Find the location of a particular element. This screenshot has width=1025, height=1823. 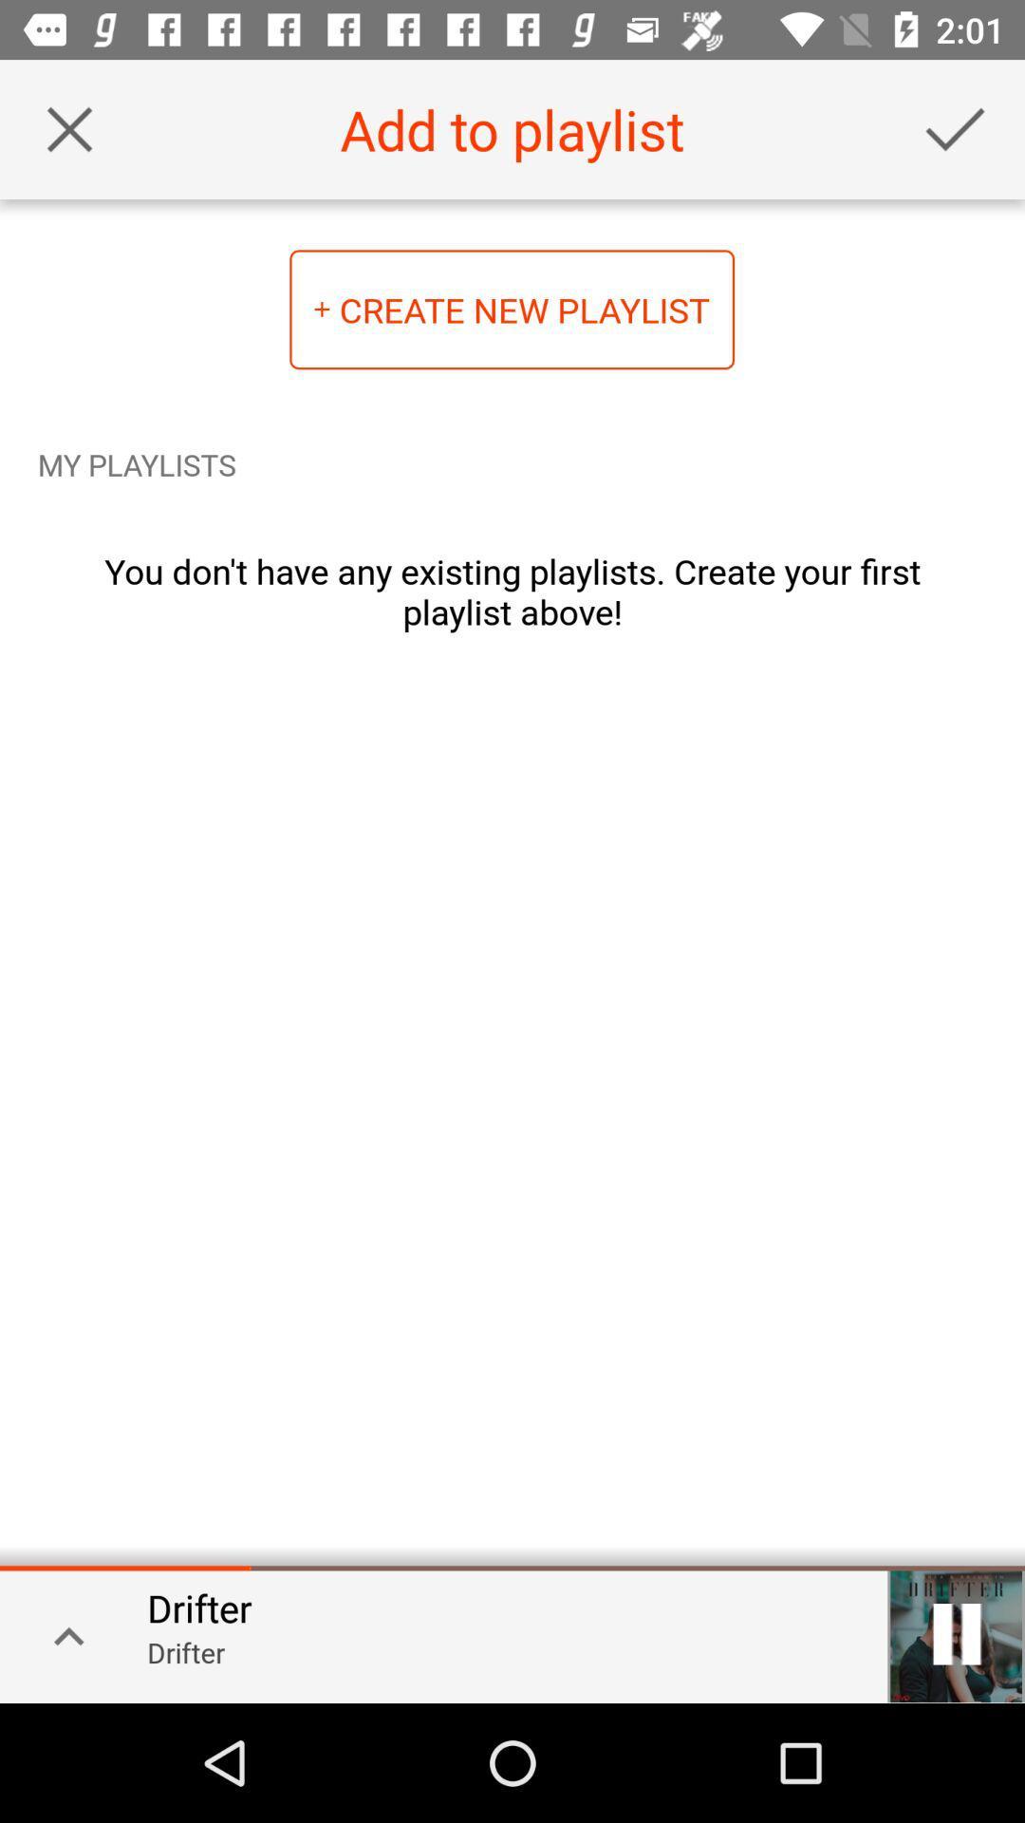

the pause icon is located at coordinates (956, 1633).